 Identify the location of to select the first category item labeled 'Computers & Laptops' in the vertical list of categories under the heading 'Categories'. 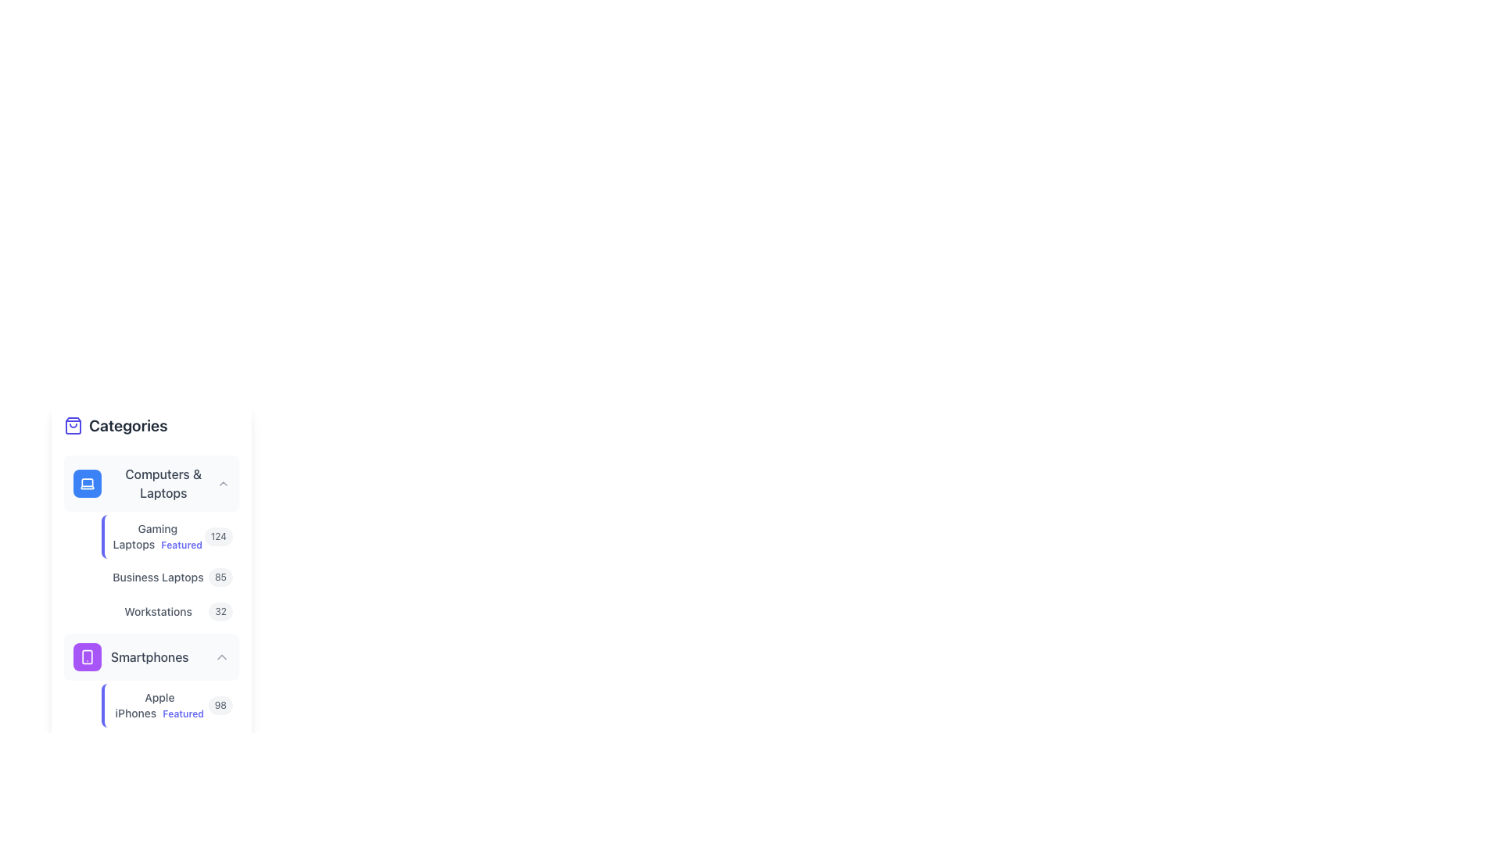
(145, 482).